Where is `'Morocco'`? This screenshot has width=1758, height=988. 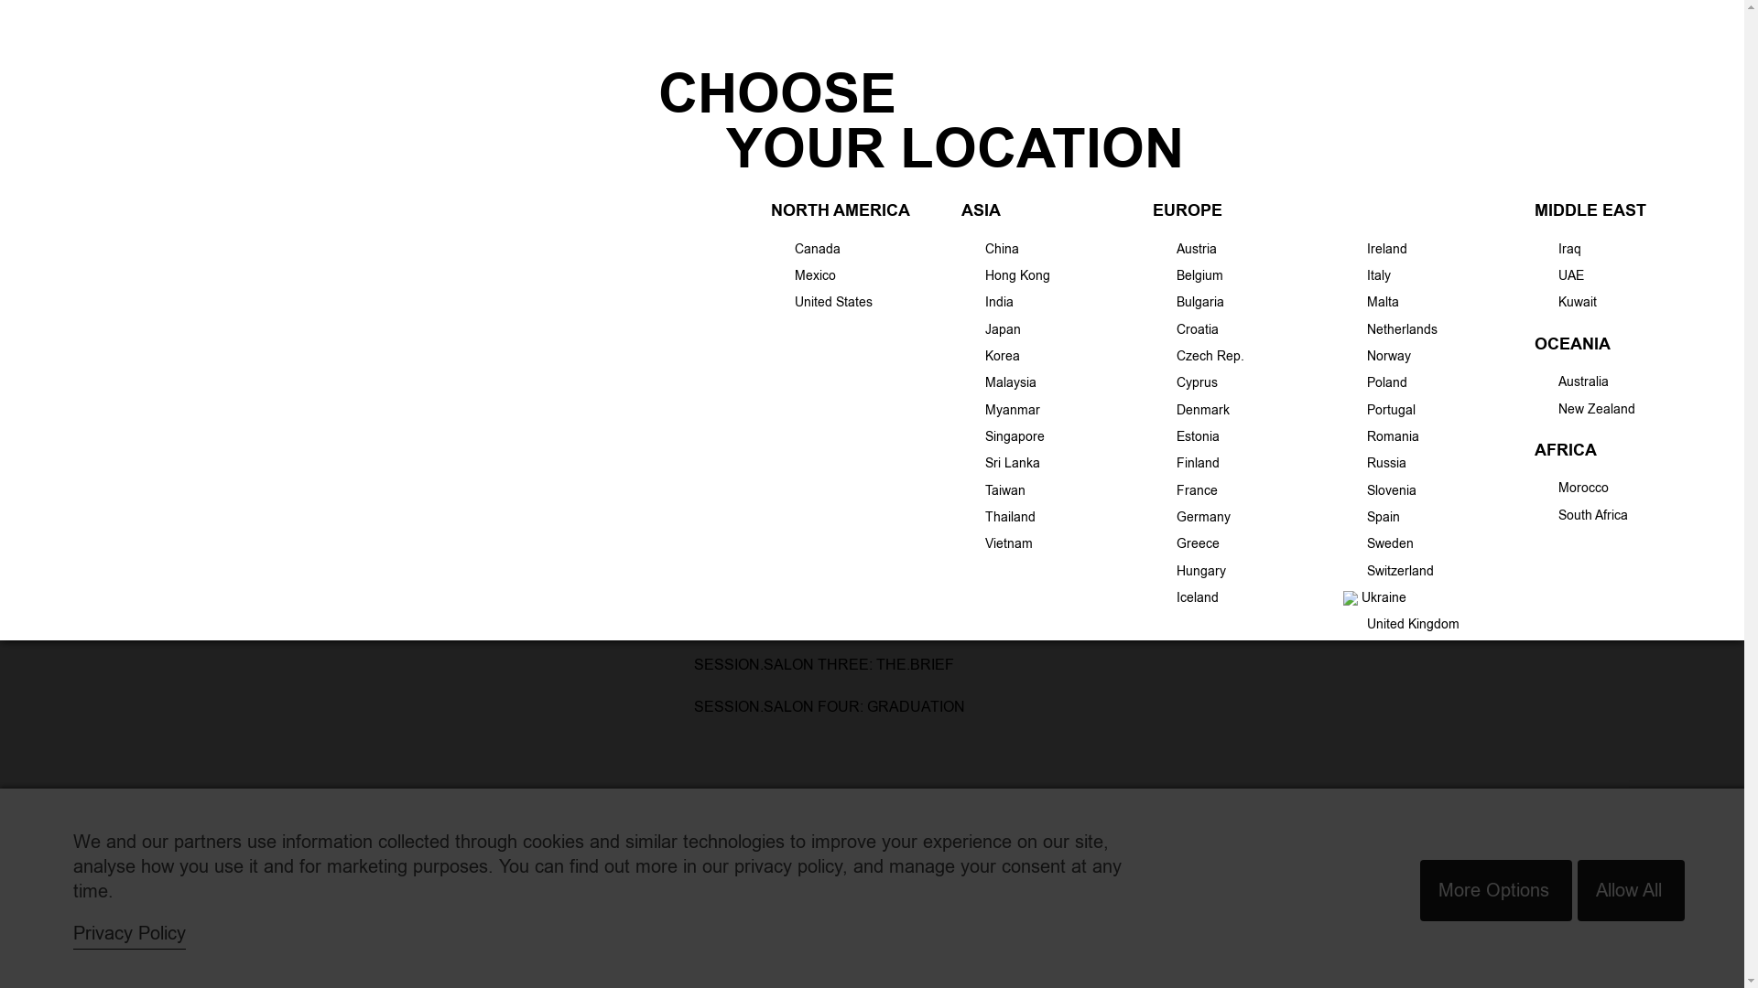
'Morocco' is located at coordinates (1570, 486).